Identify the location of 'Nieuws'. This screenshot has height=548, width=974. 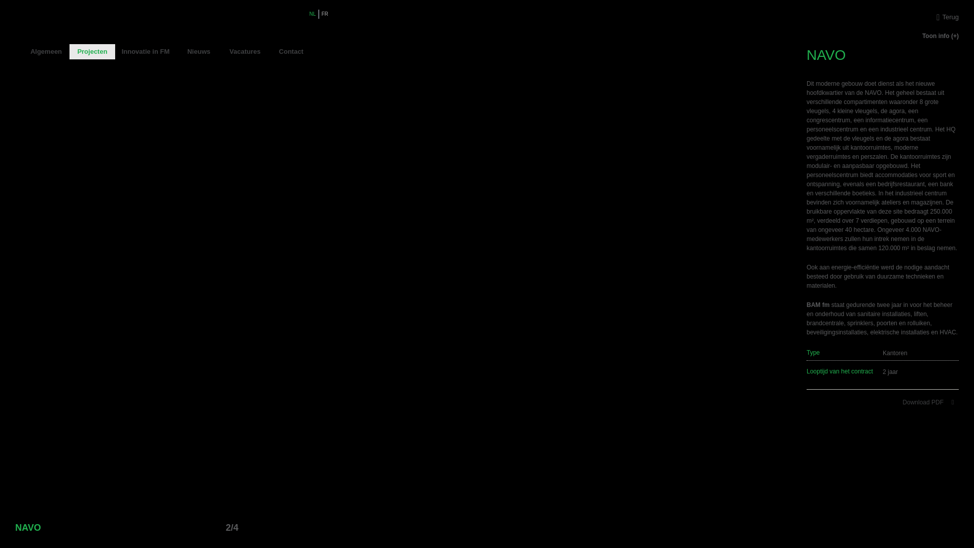
(199, 51).